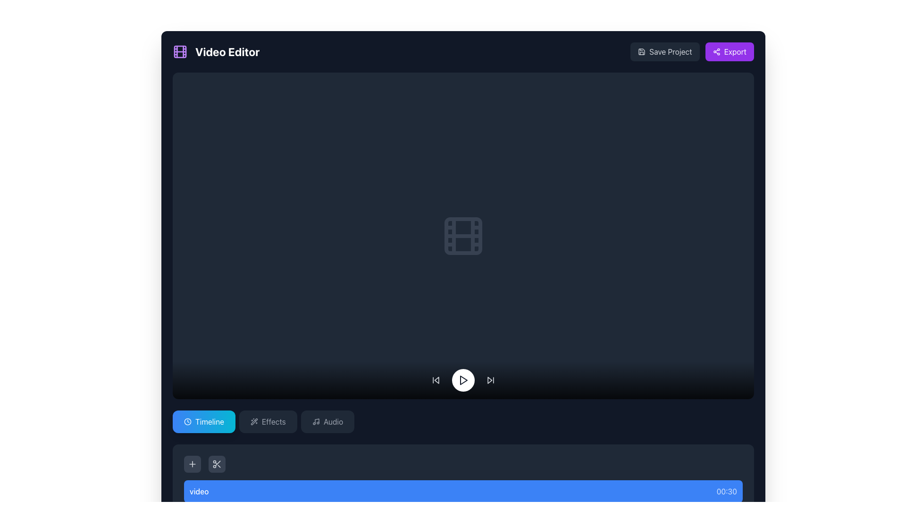 The height and width of the screenshot is (509, 906). I want to click on the save button located in the top-right corner of the Video Editor interface, directly left of the Export button with a purple background, so click(692, 52).